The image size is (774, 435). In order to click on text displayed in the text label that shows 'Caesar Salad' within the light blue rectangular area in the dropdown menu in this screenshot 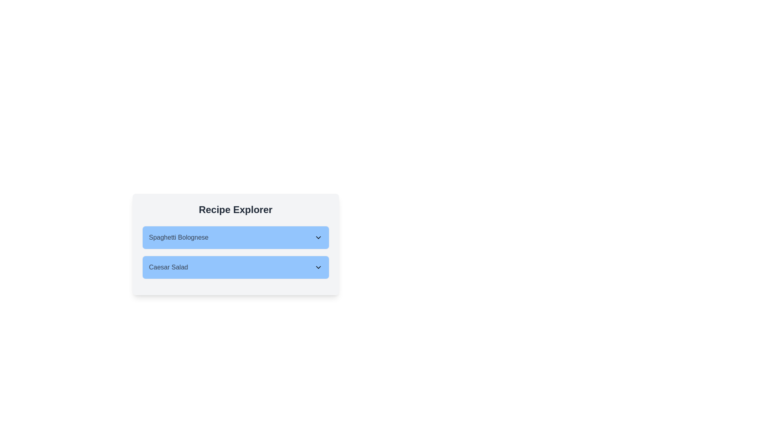, I will do `click(168, 267)`.